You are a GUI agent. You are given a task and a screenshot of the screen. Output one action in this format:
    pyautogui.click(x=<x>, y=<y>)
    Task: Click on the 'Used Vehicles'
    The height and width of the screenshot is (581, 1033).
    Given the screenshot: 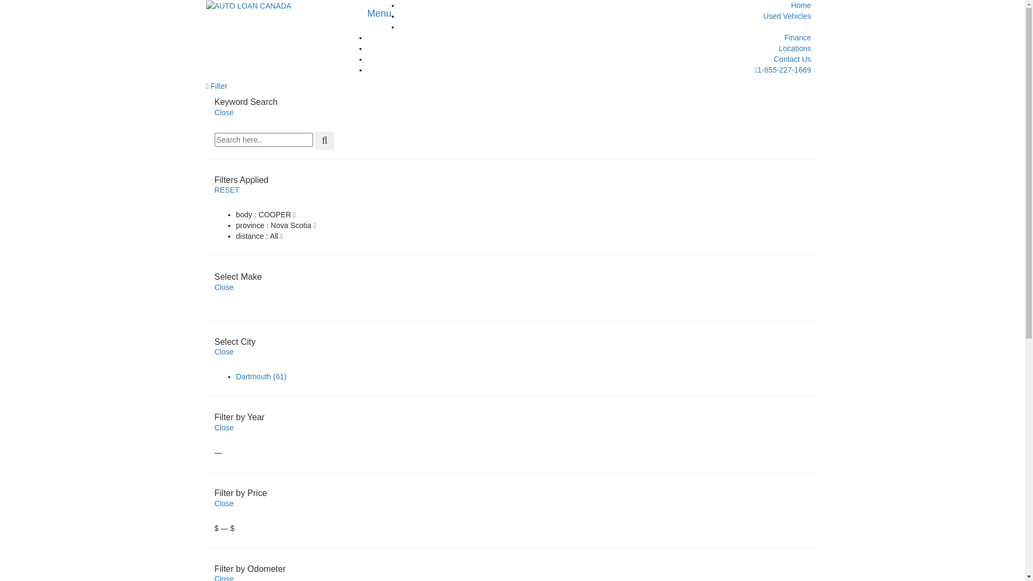 What is the action you would take?
    pyautogui.click(x=787, y=16)
    